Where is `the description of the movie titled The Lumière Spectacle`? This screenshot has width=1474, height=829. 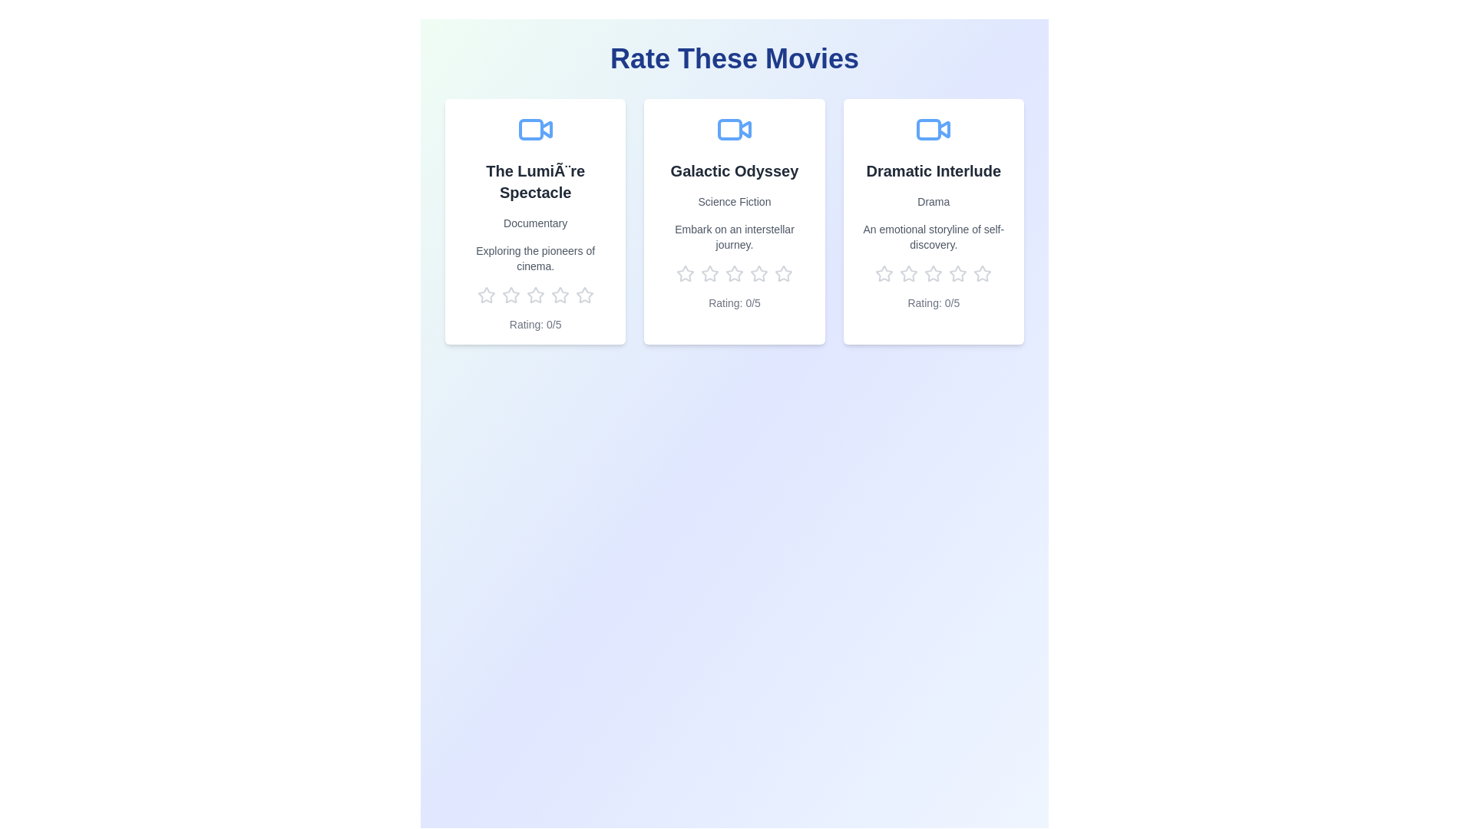 the description of the movie titled The Lumière Spectacle is located at coordinates (534, 257).